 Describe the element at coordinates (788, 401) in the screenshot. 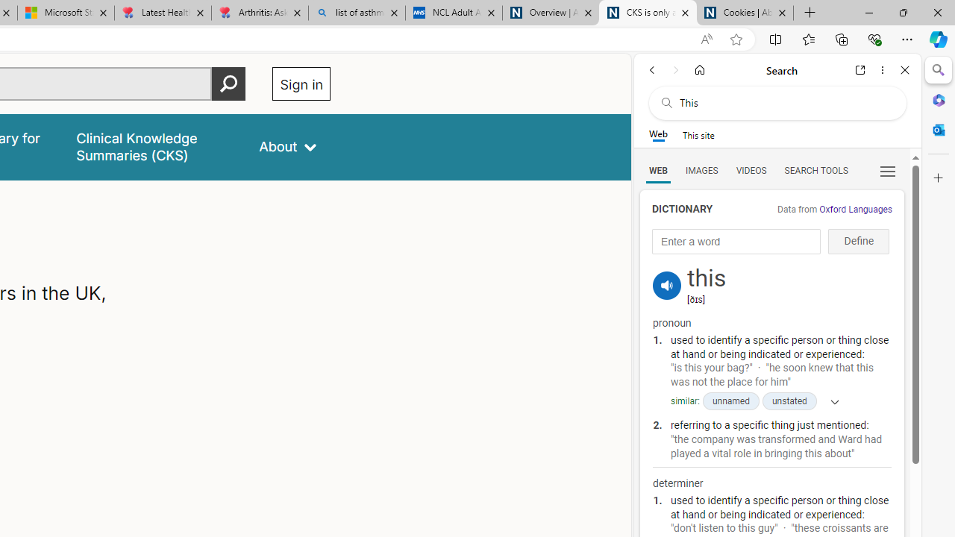

I see `'unstated'` at that location.